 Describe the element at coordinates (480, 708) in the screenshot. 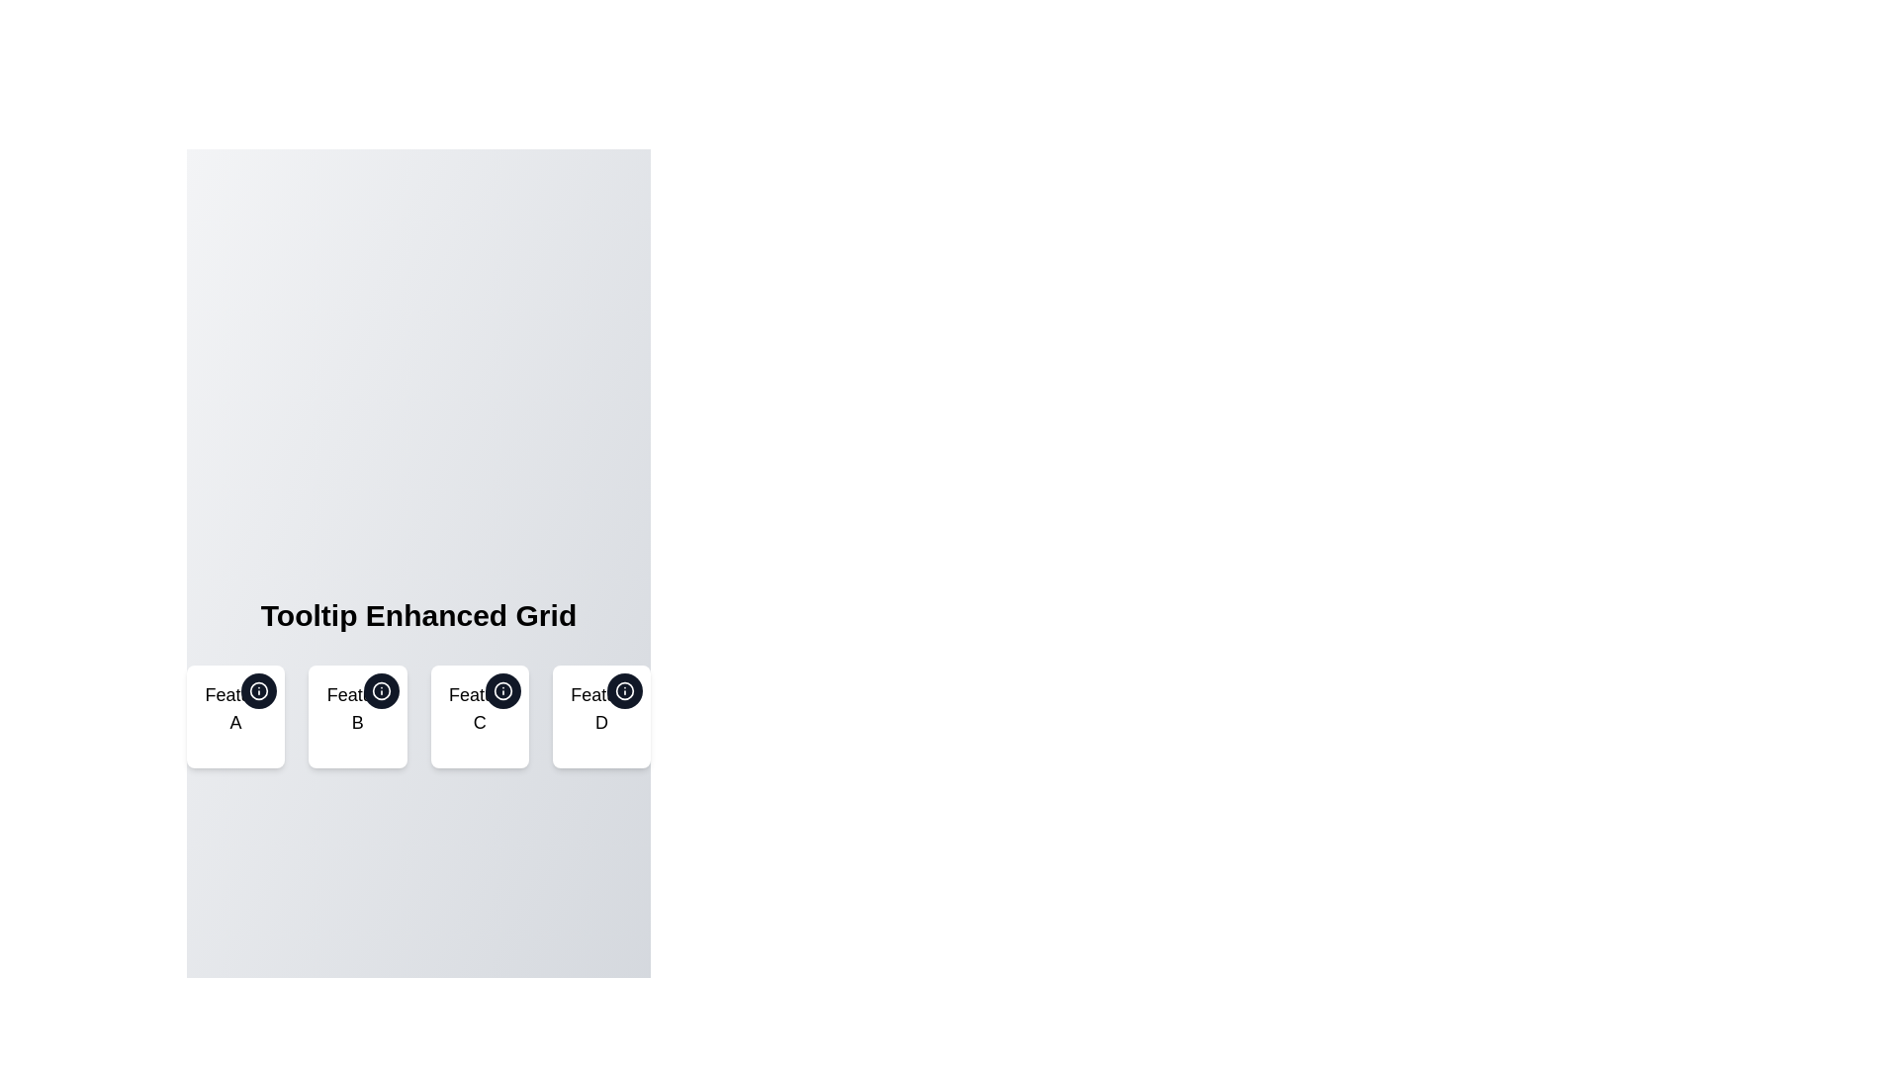

I see `on the text label displaying 'Feature C', which is centrally aligned below the circular icon with an 'i' symbol within its card` at that location.